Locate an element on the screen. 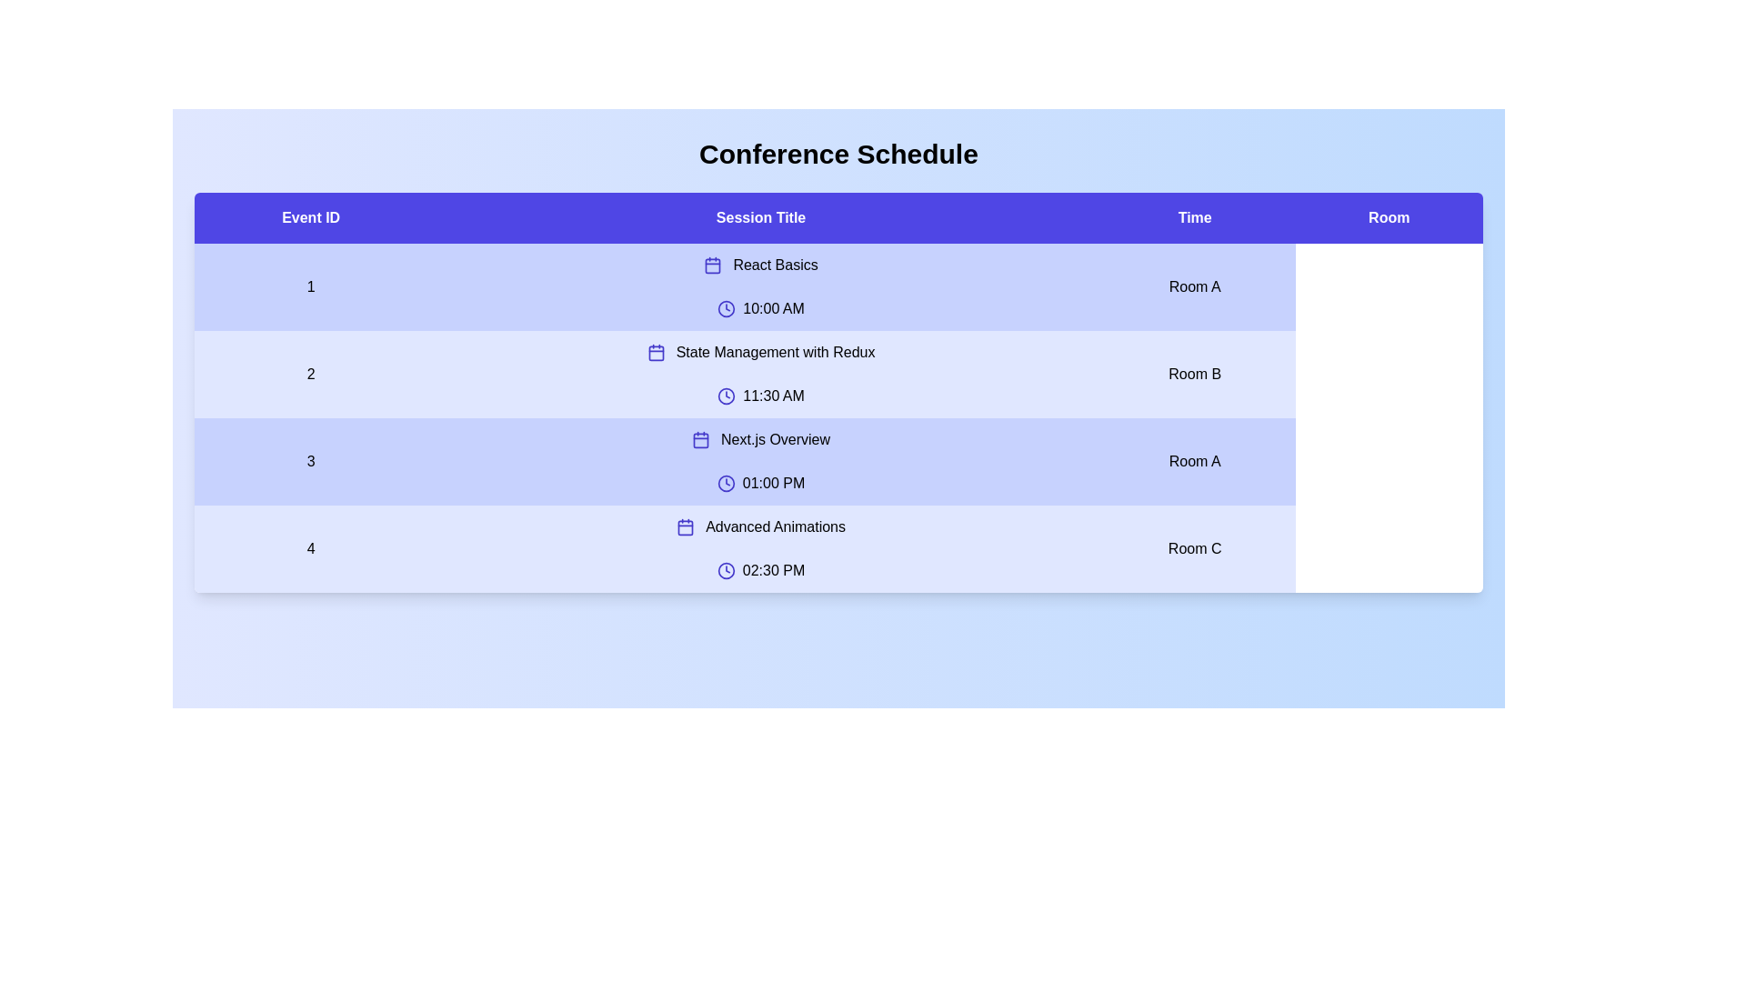 The height and width of the screenshot is (982, 1746). the table header labeled 'Event ID' to sort the table by that column is located at coordinates (310, 216).